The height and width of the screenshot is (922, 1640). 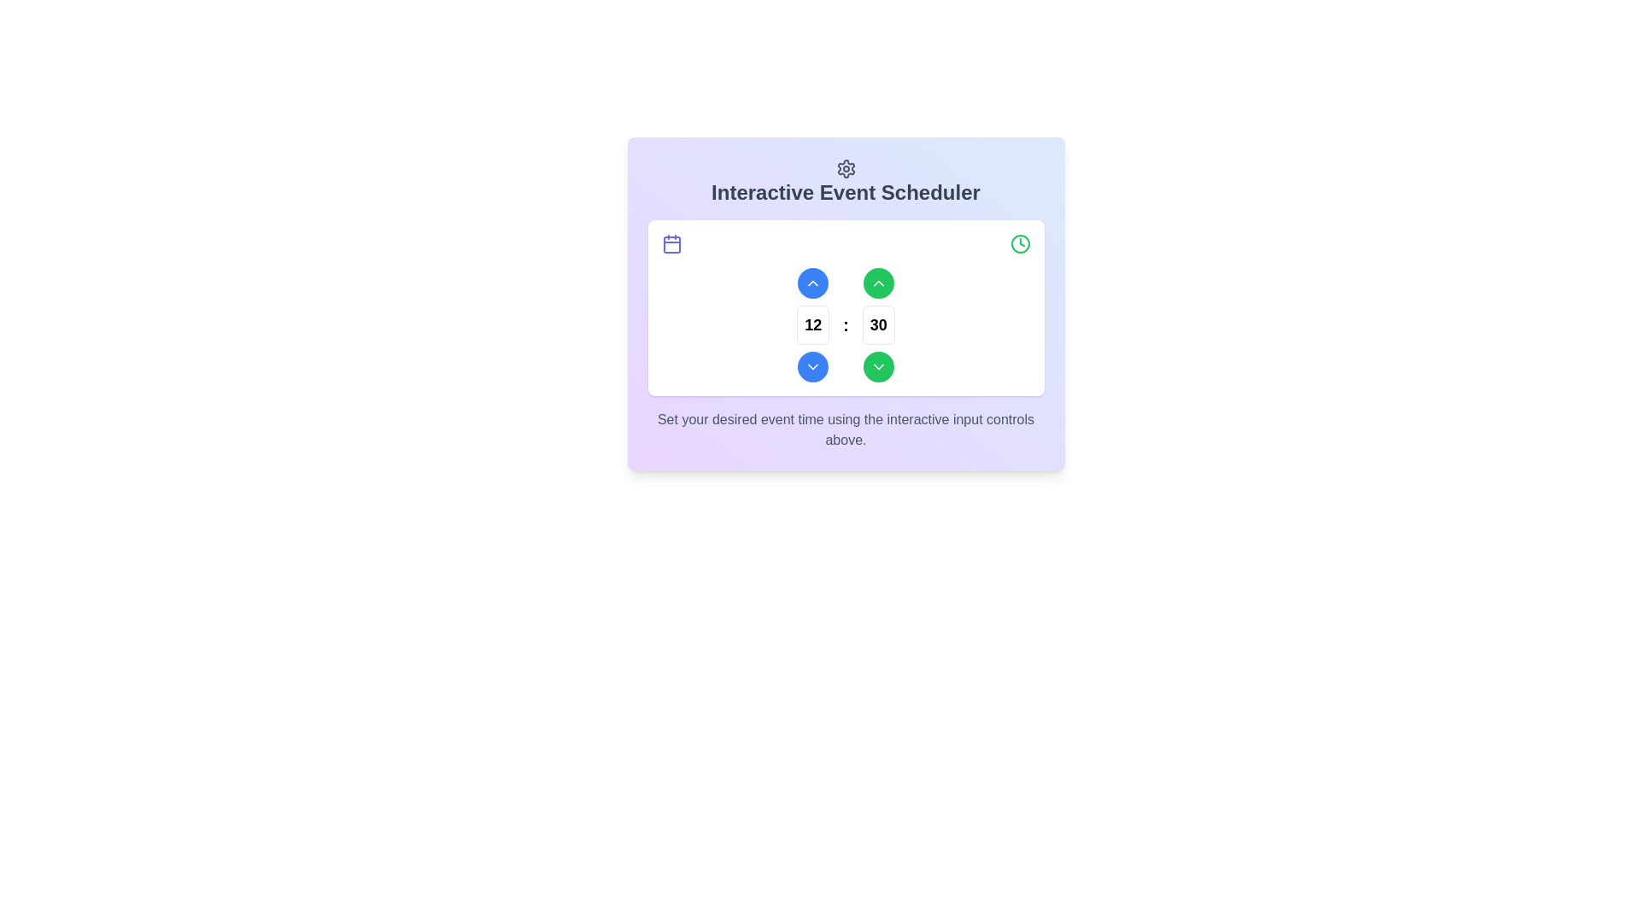 I want to click on the circular button with a blue background and a white upward chevron arrow at its center for accessibility navigation, so click(x=812, y=282).